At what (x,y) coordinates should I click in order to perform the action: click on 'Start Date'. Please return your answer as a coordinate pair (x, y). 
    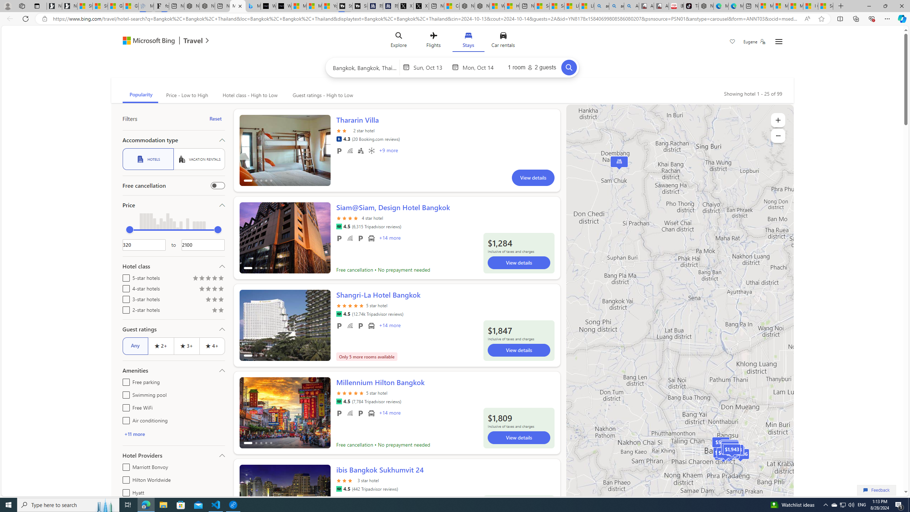
    Looking at the image, I should click on (430, 67).